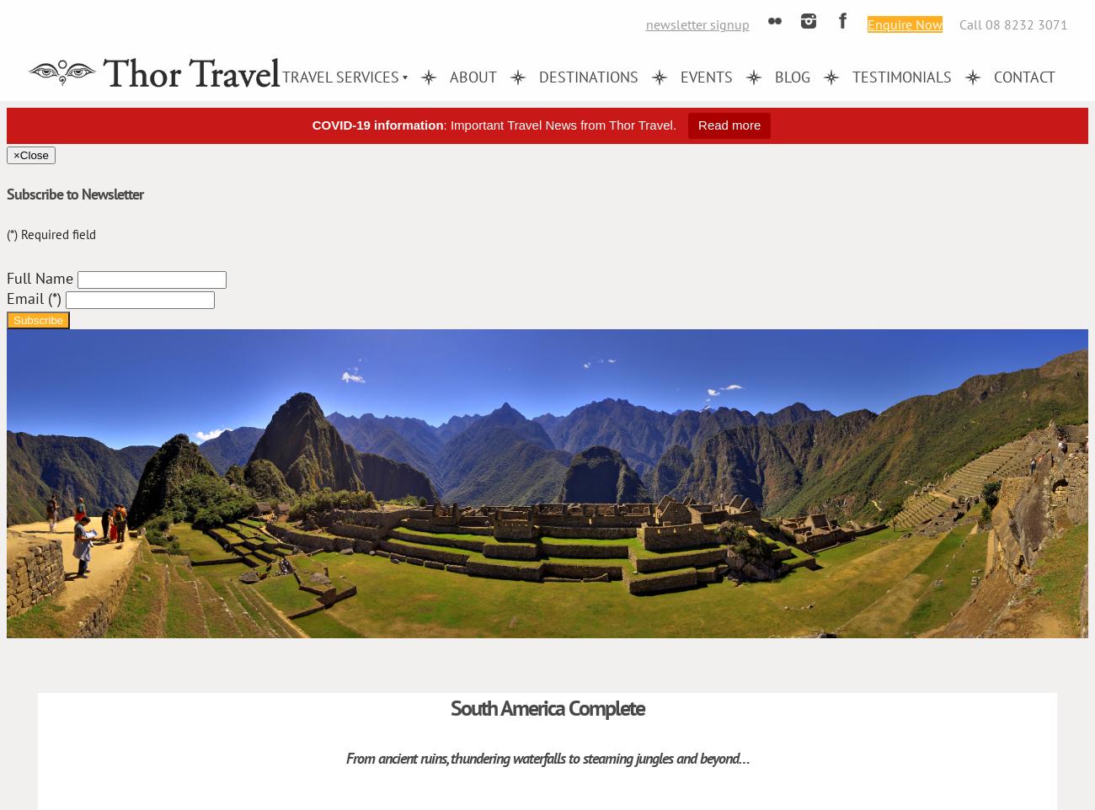 This screenshot has height=810, width=1095. I want to click on ':  Important Travel News from Thor Travel.', so click(558, 125).